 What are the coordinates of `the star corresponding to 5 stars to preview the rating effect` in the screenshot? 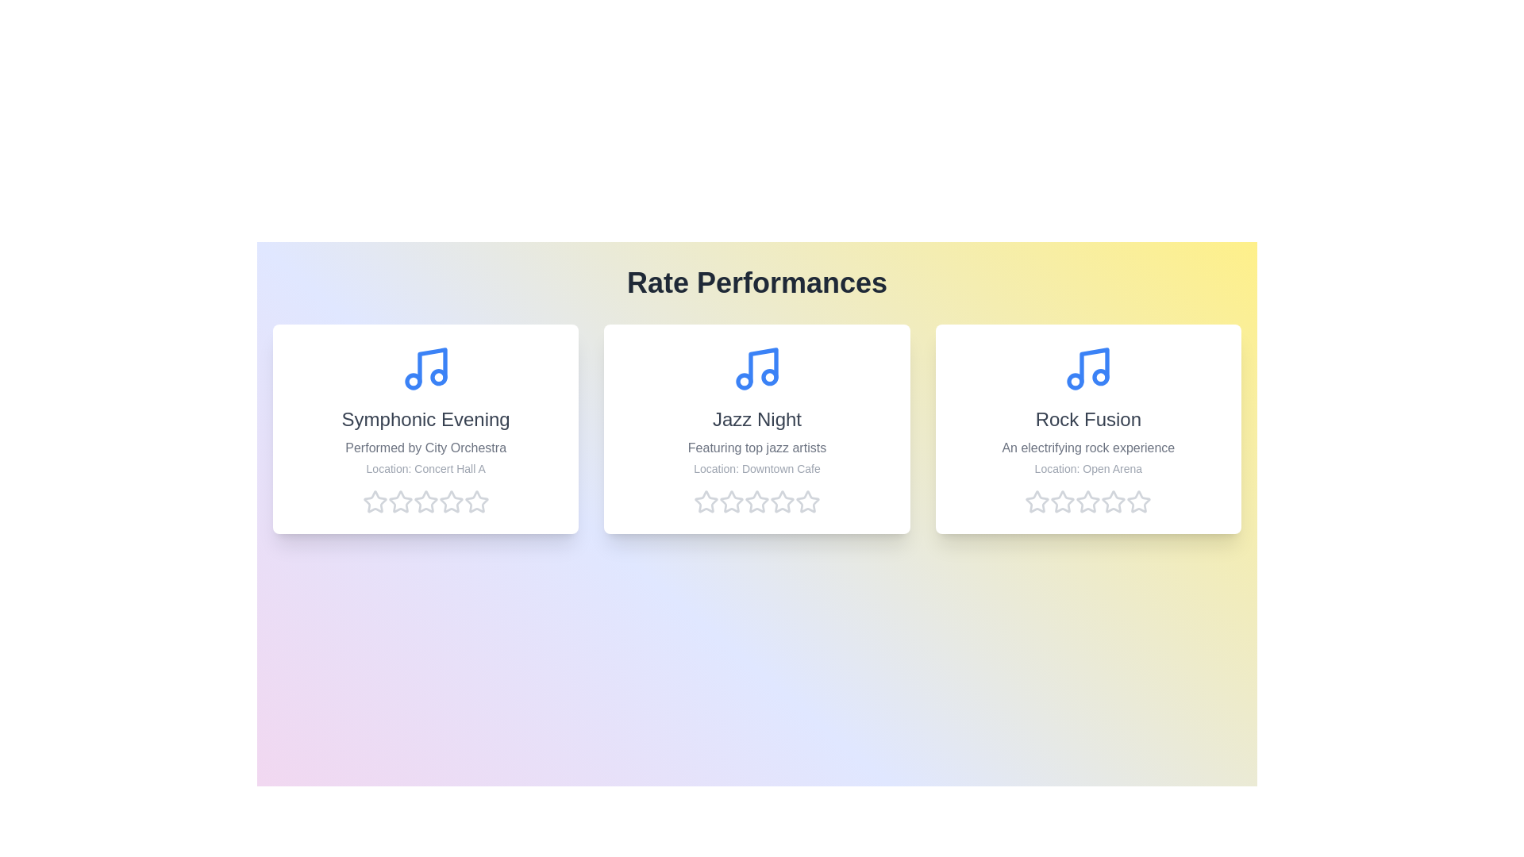 It's located at (475, 502).